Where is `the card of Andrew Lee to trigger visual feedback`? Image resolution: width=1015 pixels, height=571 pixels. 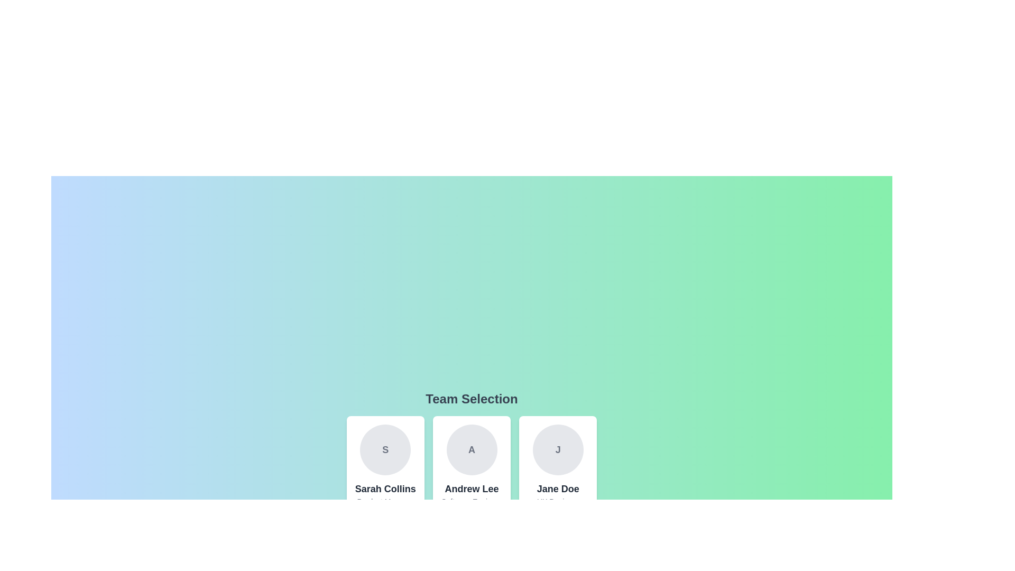 the card of Andrew Lee to trigger visual feedback is located at coordinates (471, 474).